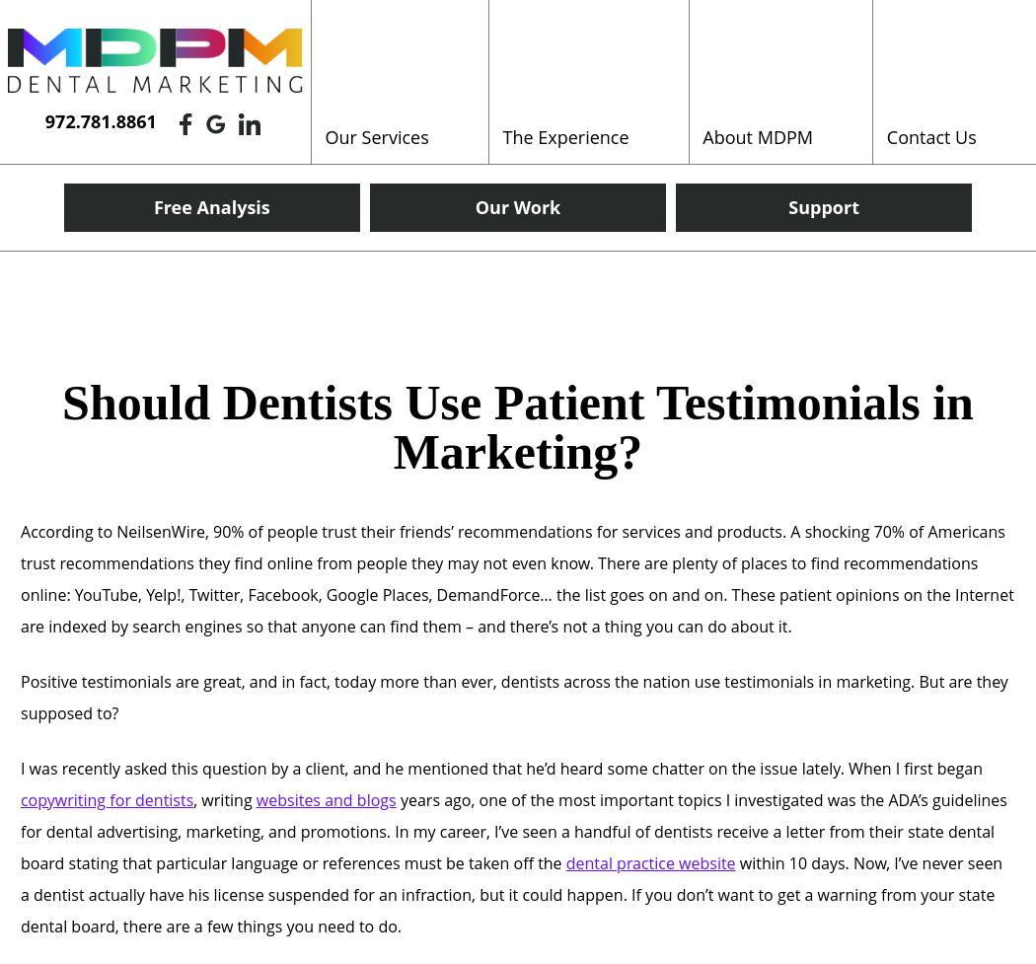 Image resolution: width=1036 pixels, height=964 pixels. Describe the element at coordinates (513, 697) in the screenshot. I see `'Positive testimonials are great, and in fact, today more than ever, dentists across the nation use testimonials in marketing. But are they supposed to?'` at that location.